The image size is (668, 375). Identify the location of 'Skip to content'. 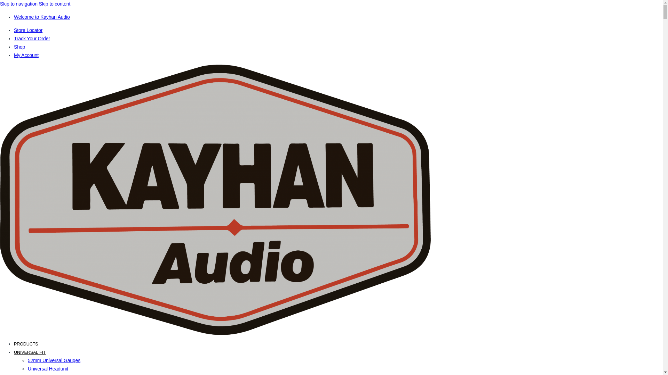
(54, 4).